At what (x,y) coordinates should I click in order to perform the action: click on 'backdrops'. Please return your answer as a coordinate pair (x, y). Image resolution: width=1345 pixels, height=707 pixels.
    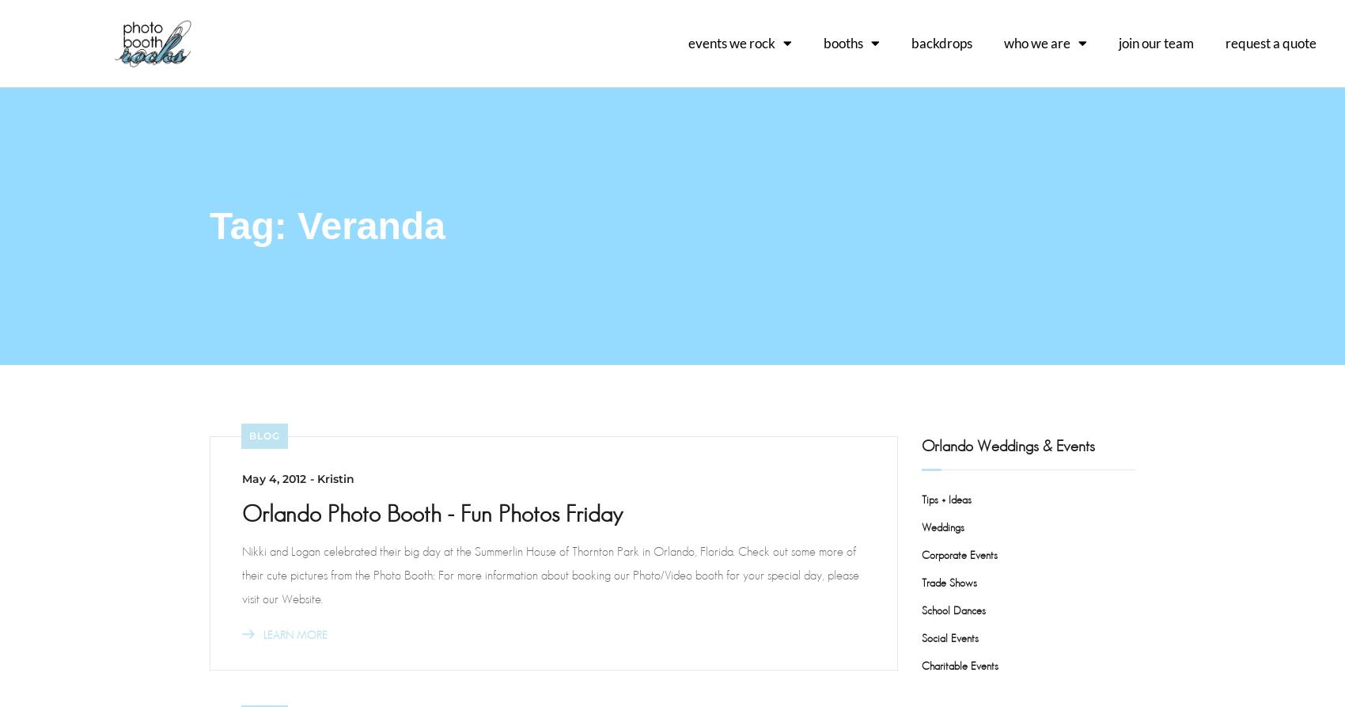
    Looking at the image, I should click on (911, 42).